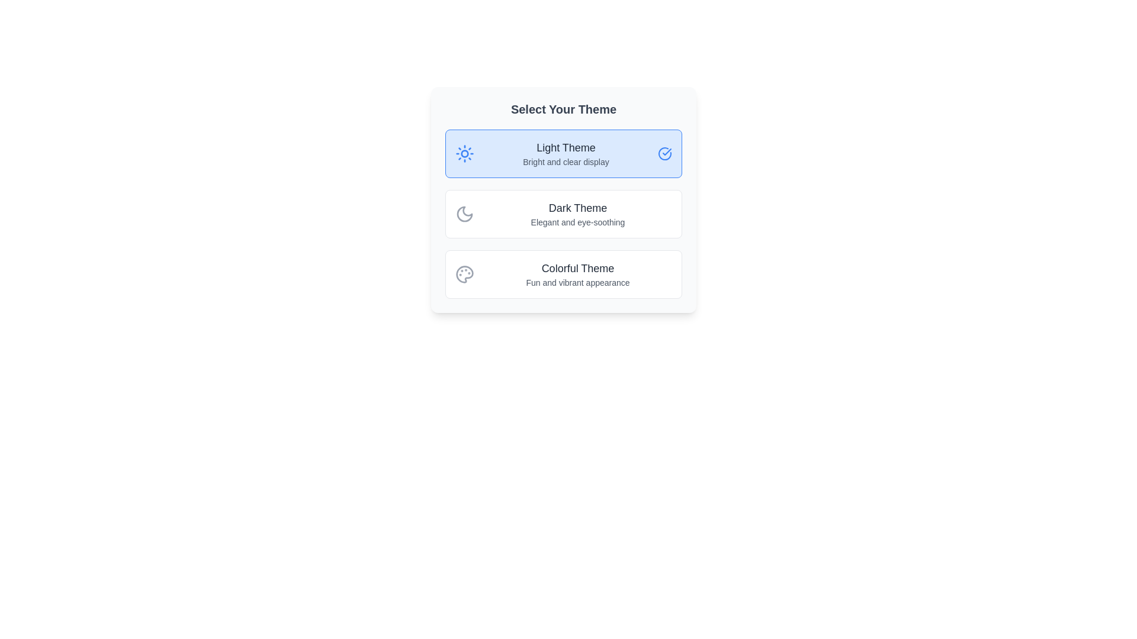 The height and width of the screenshot is (639, 1137). Describe the element at coordinates (565, 147) in the screenshot. I see `the 'Light Theme' text label, which serves as a title indicating the theme option within the theme selection box` at that location.